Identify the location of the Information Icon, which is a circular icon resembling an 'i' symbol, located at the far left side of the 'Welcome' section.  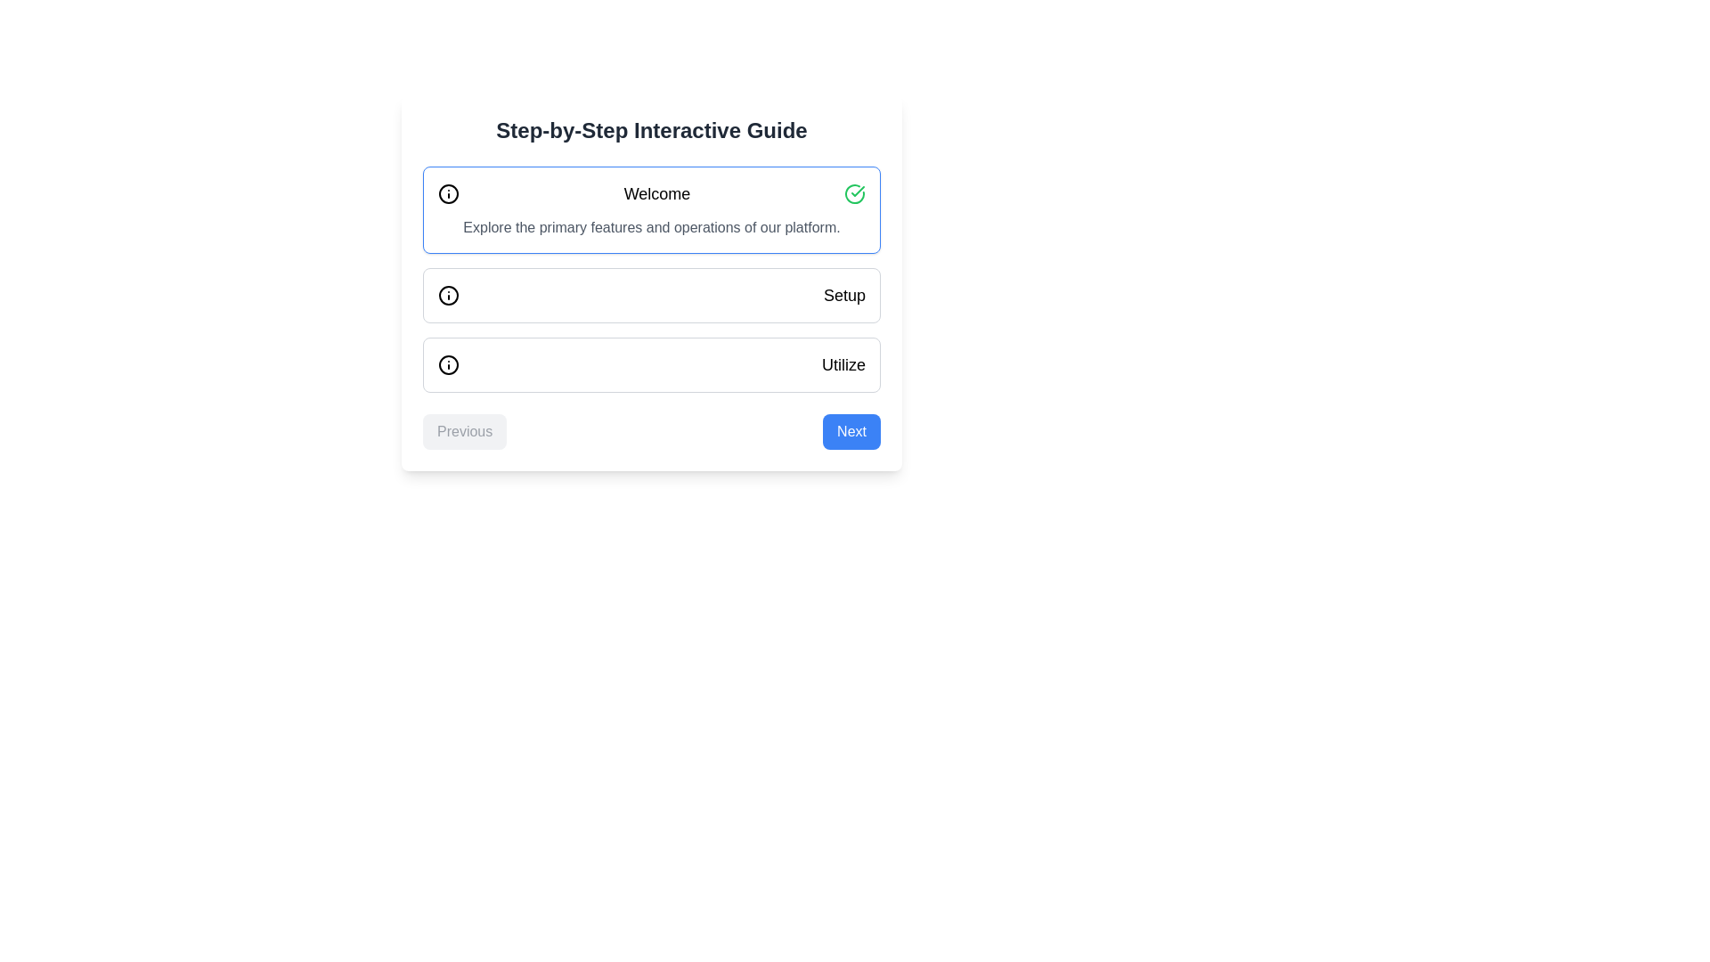
(449, 194).